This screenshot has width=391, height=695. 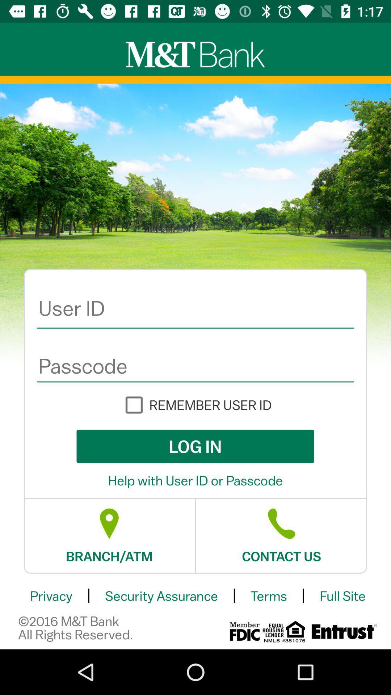 What do you see at coordinates (269, 596) in the screenshot?
I see `terms` at bounding box center [269, 596].